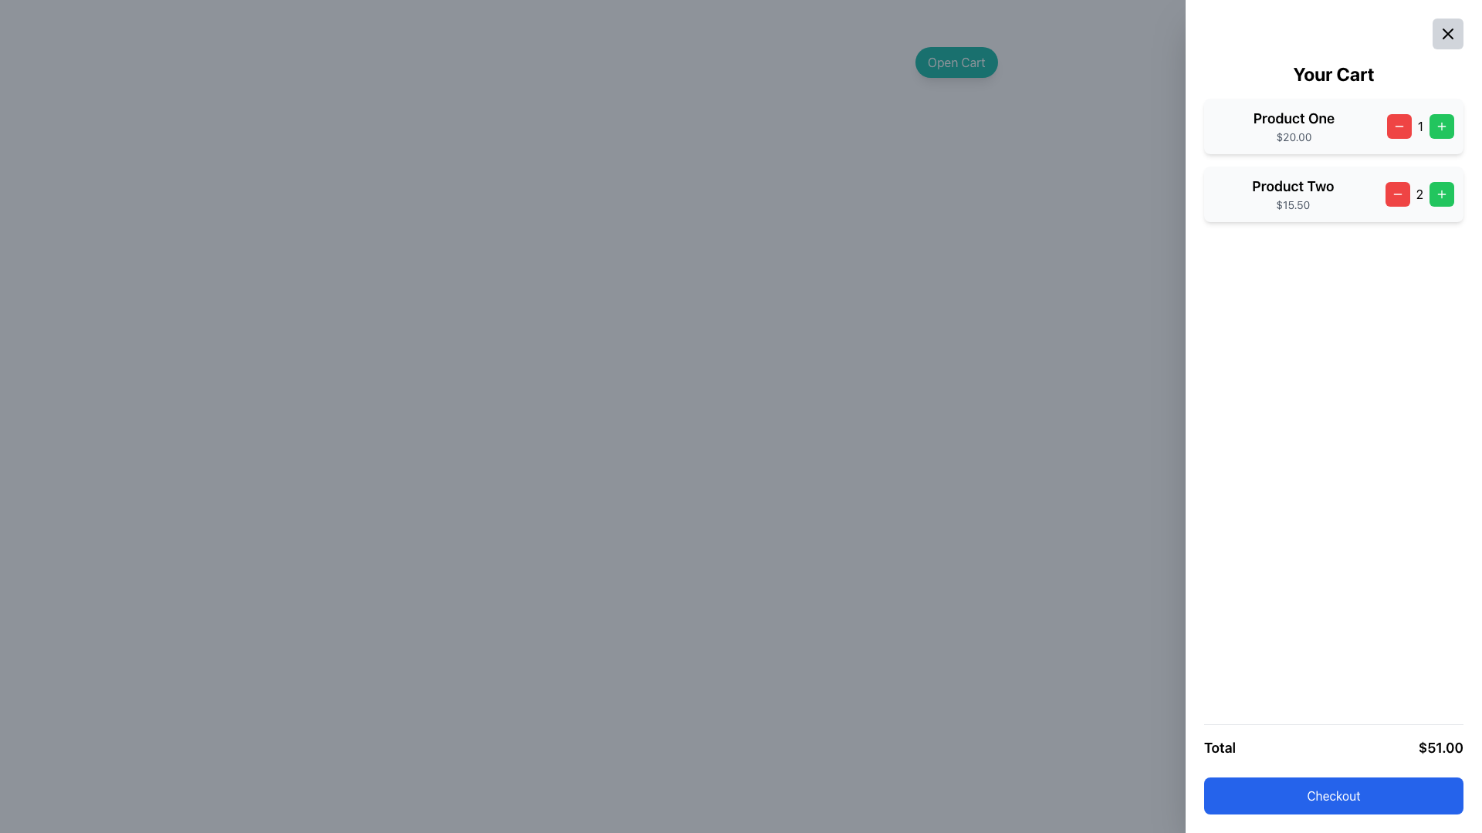  What do you see at coordinates (1397, 193) in the screenshot?
I see `the button icon with a minus symbol corresponding to 'Product Two' in the shopping cart` at bounding box center [1397, 193].